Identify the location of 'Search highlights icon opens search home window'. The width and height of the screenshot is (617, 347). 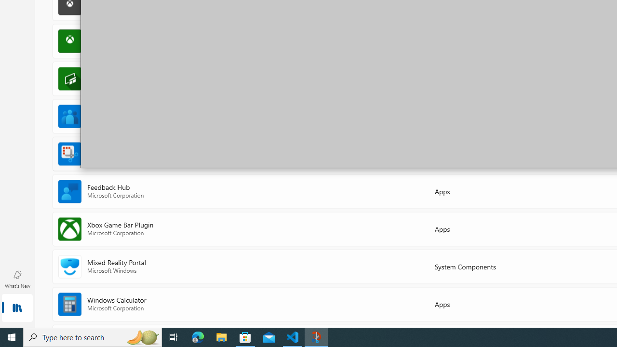
(142, 336).